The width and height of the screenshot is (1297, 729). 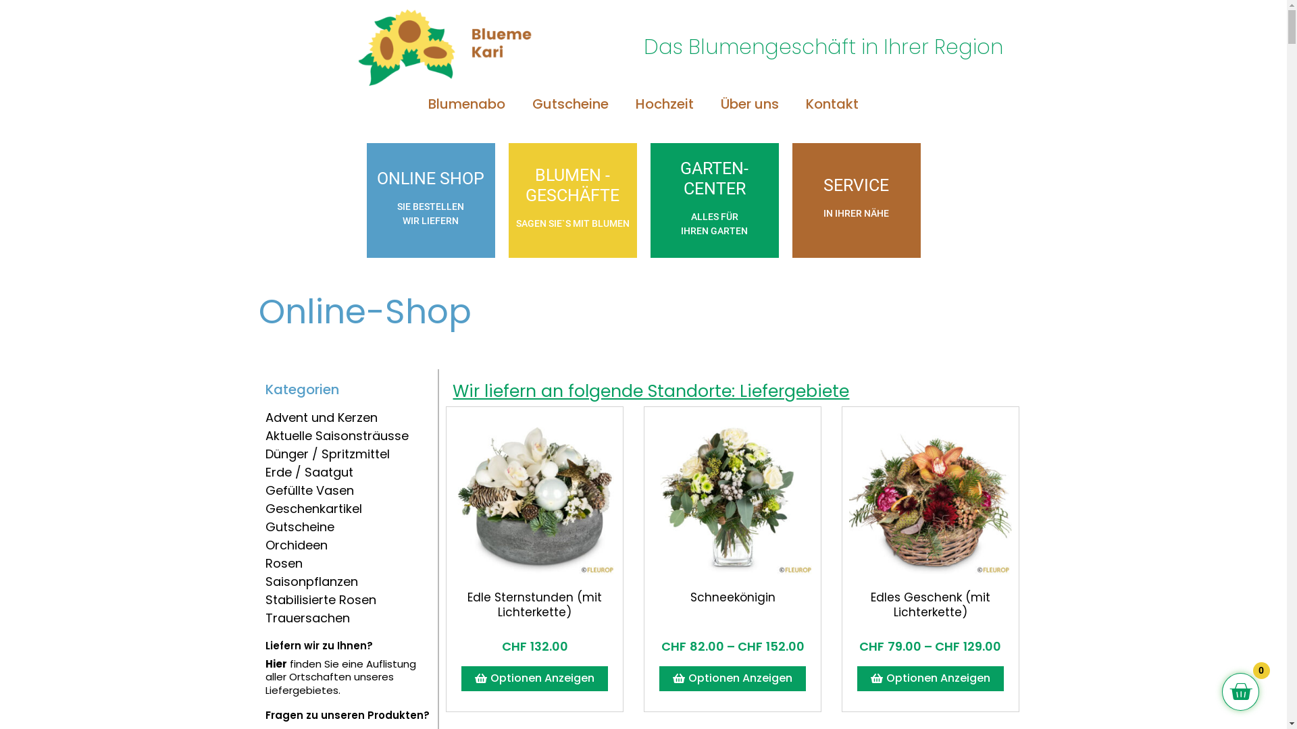 What do you see at coordinates (570, 103) in the screenshot?
I see `'Gutscheine'` at bounding box center [570, 103].